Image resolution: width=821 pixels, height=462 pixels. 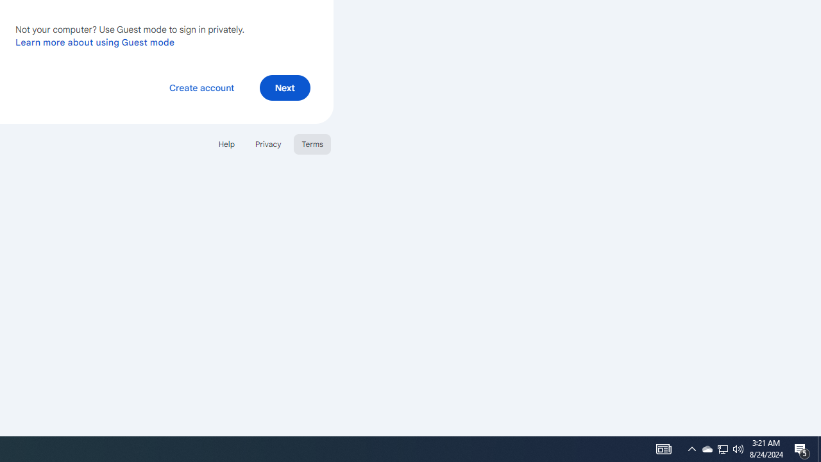 I want to click on 'Learn more about using Guest mode', so click(x=94, y=41).